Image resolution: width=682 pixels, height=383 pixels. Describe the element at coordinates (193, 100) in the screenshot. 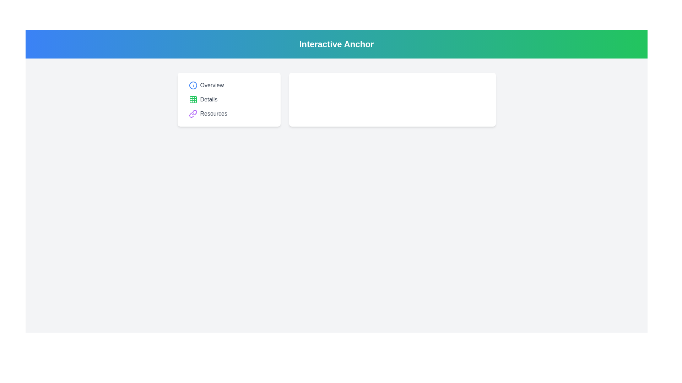

I see `the top-left grid square of the green grid icon next to the text 'Details' in the menu card` at that location.